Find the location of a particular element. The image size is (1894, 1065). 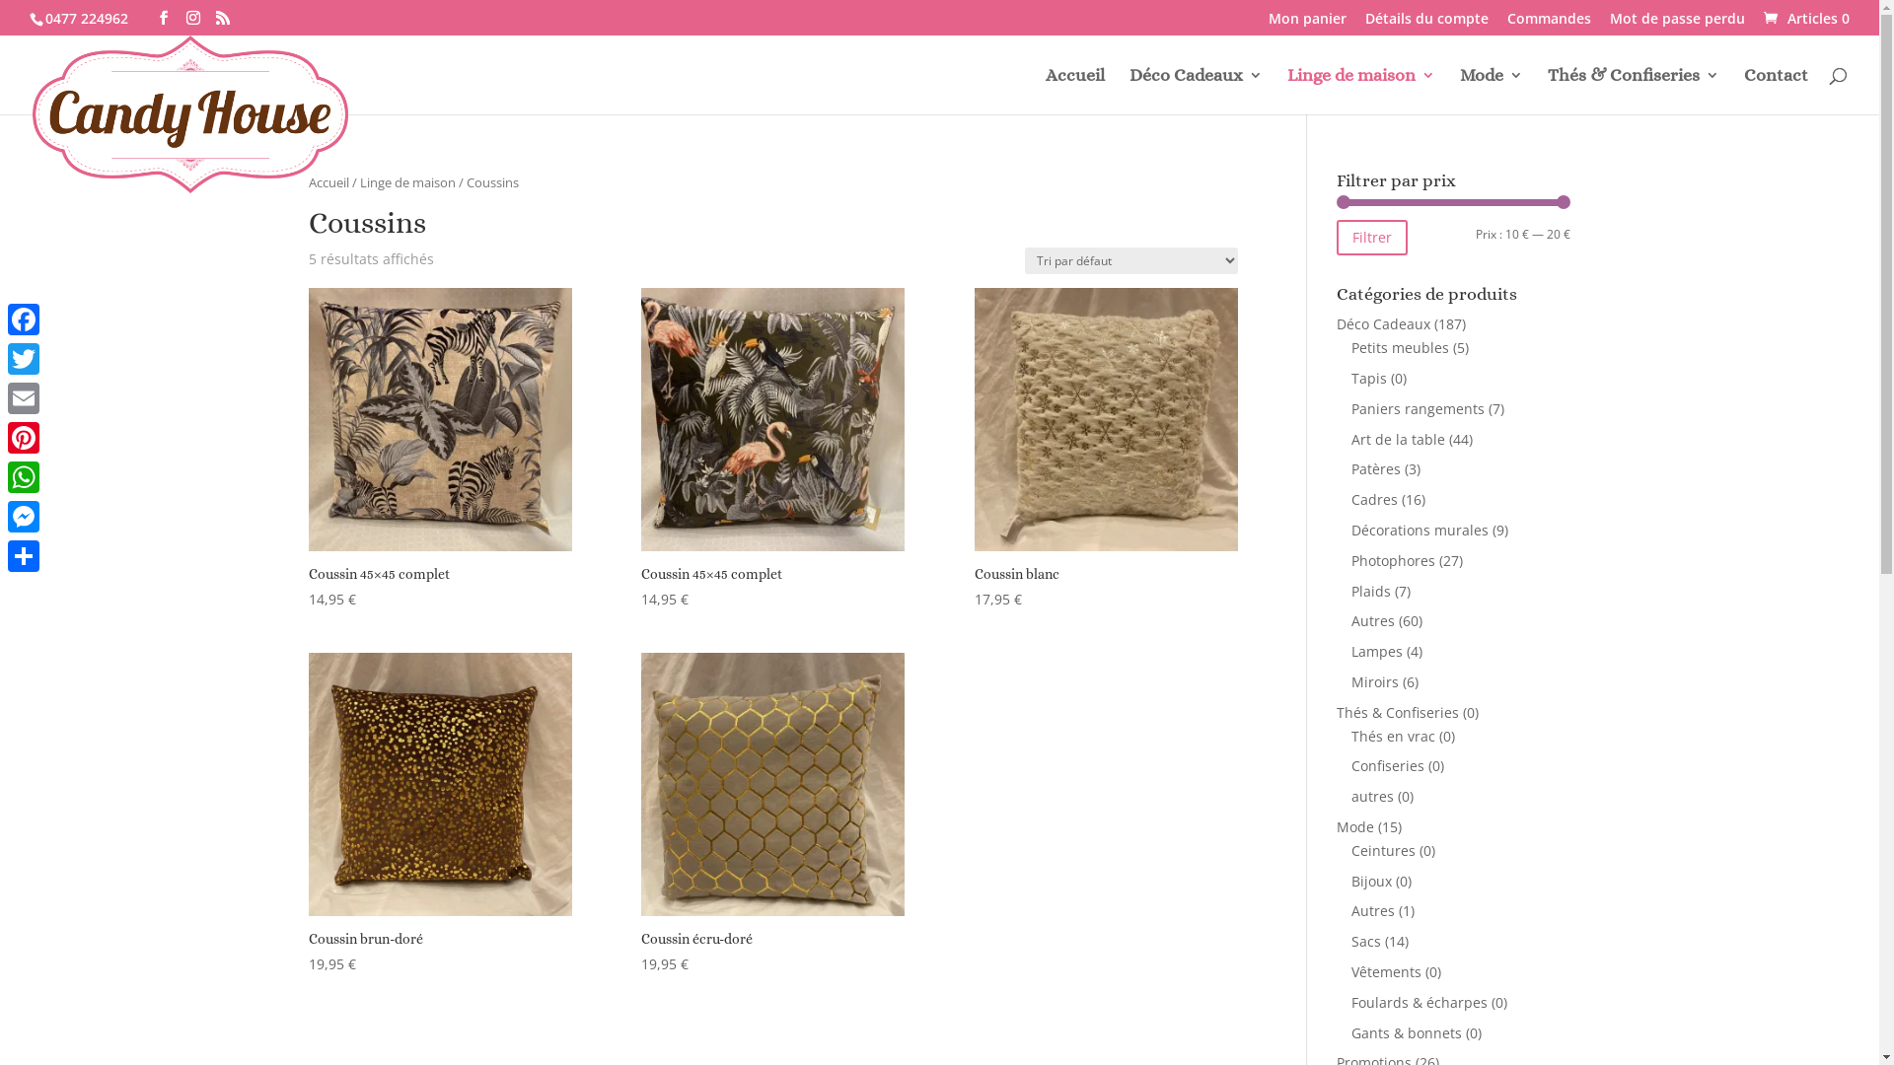

'Messenger' is located at coordinates (24, 516).